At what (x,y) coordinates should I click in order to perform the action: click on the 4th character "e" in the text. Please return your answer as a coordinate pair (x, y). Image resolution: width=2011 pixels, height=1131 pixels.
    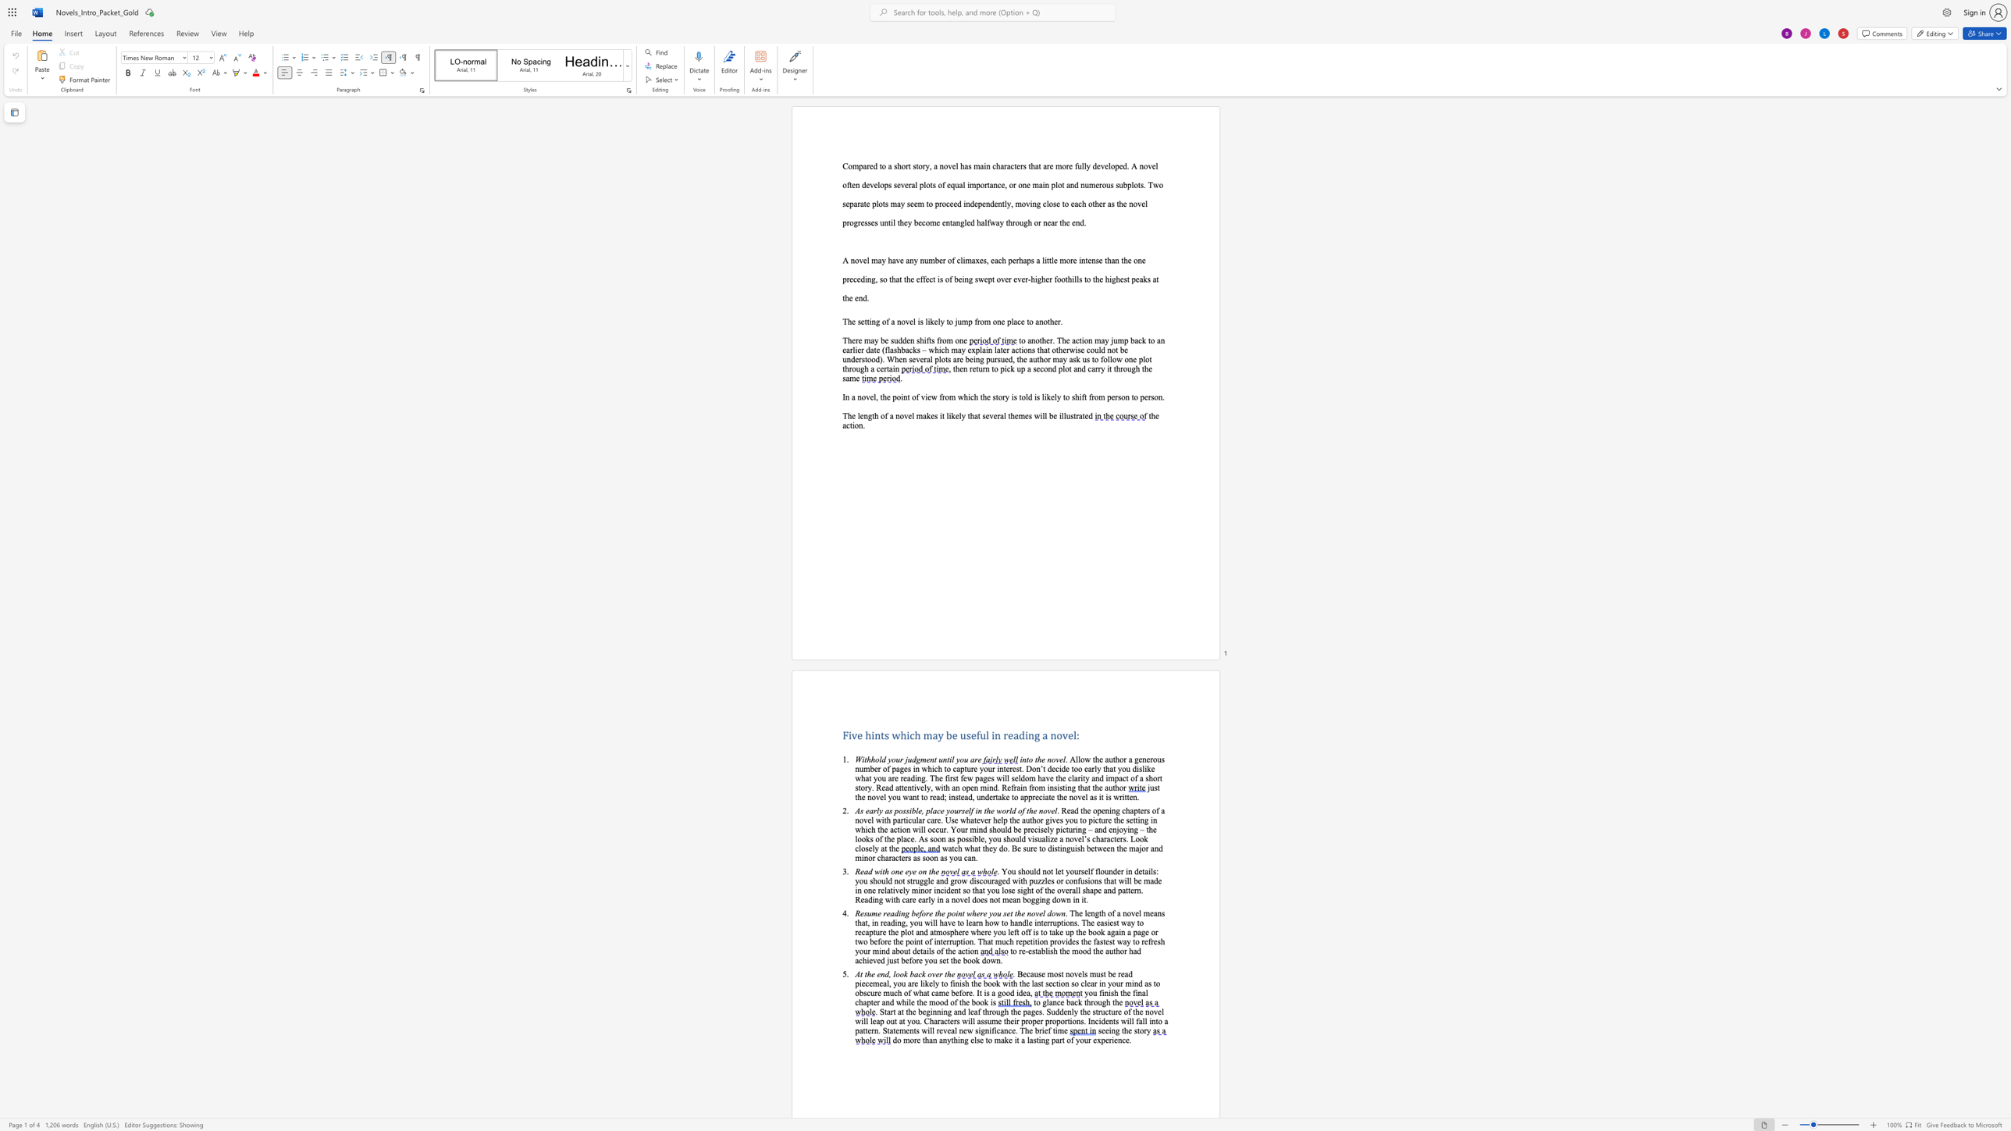
    Looking at the image, I should click on (915, 203).